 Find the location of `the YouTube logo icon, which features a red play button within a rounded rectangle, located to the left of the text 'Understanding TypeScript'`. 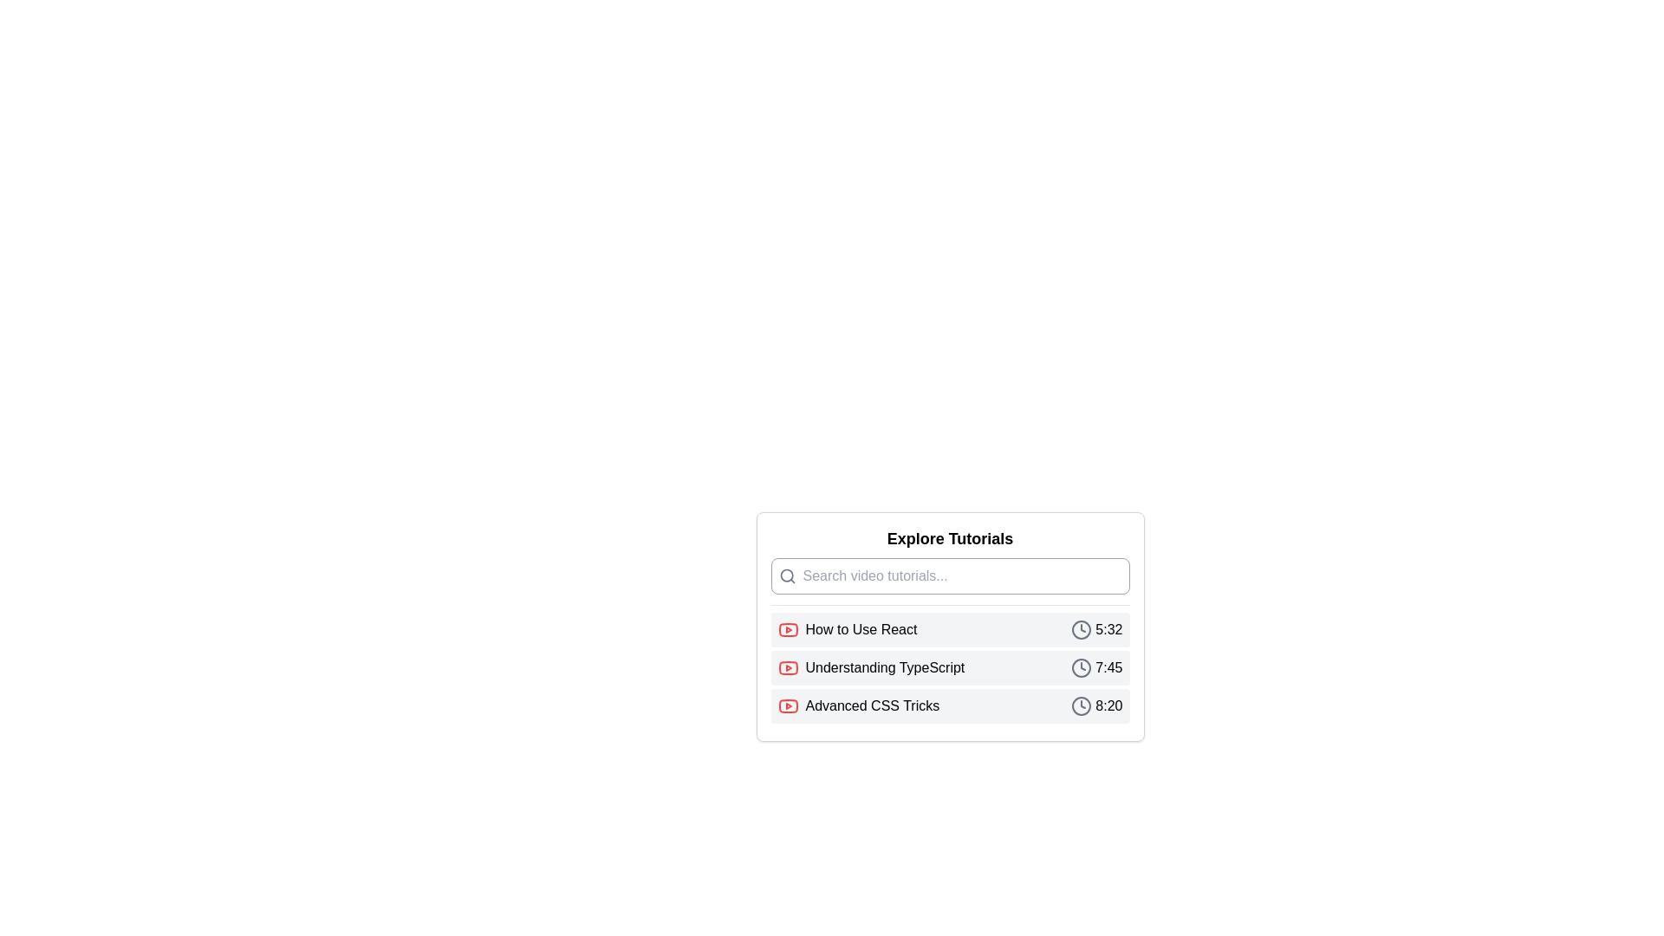

the YouTube logo icon, which features a red play button within a rounded rectangle, located to the left of the text 'Understanding TypeScript' is located at coordinates (787, 667).